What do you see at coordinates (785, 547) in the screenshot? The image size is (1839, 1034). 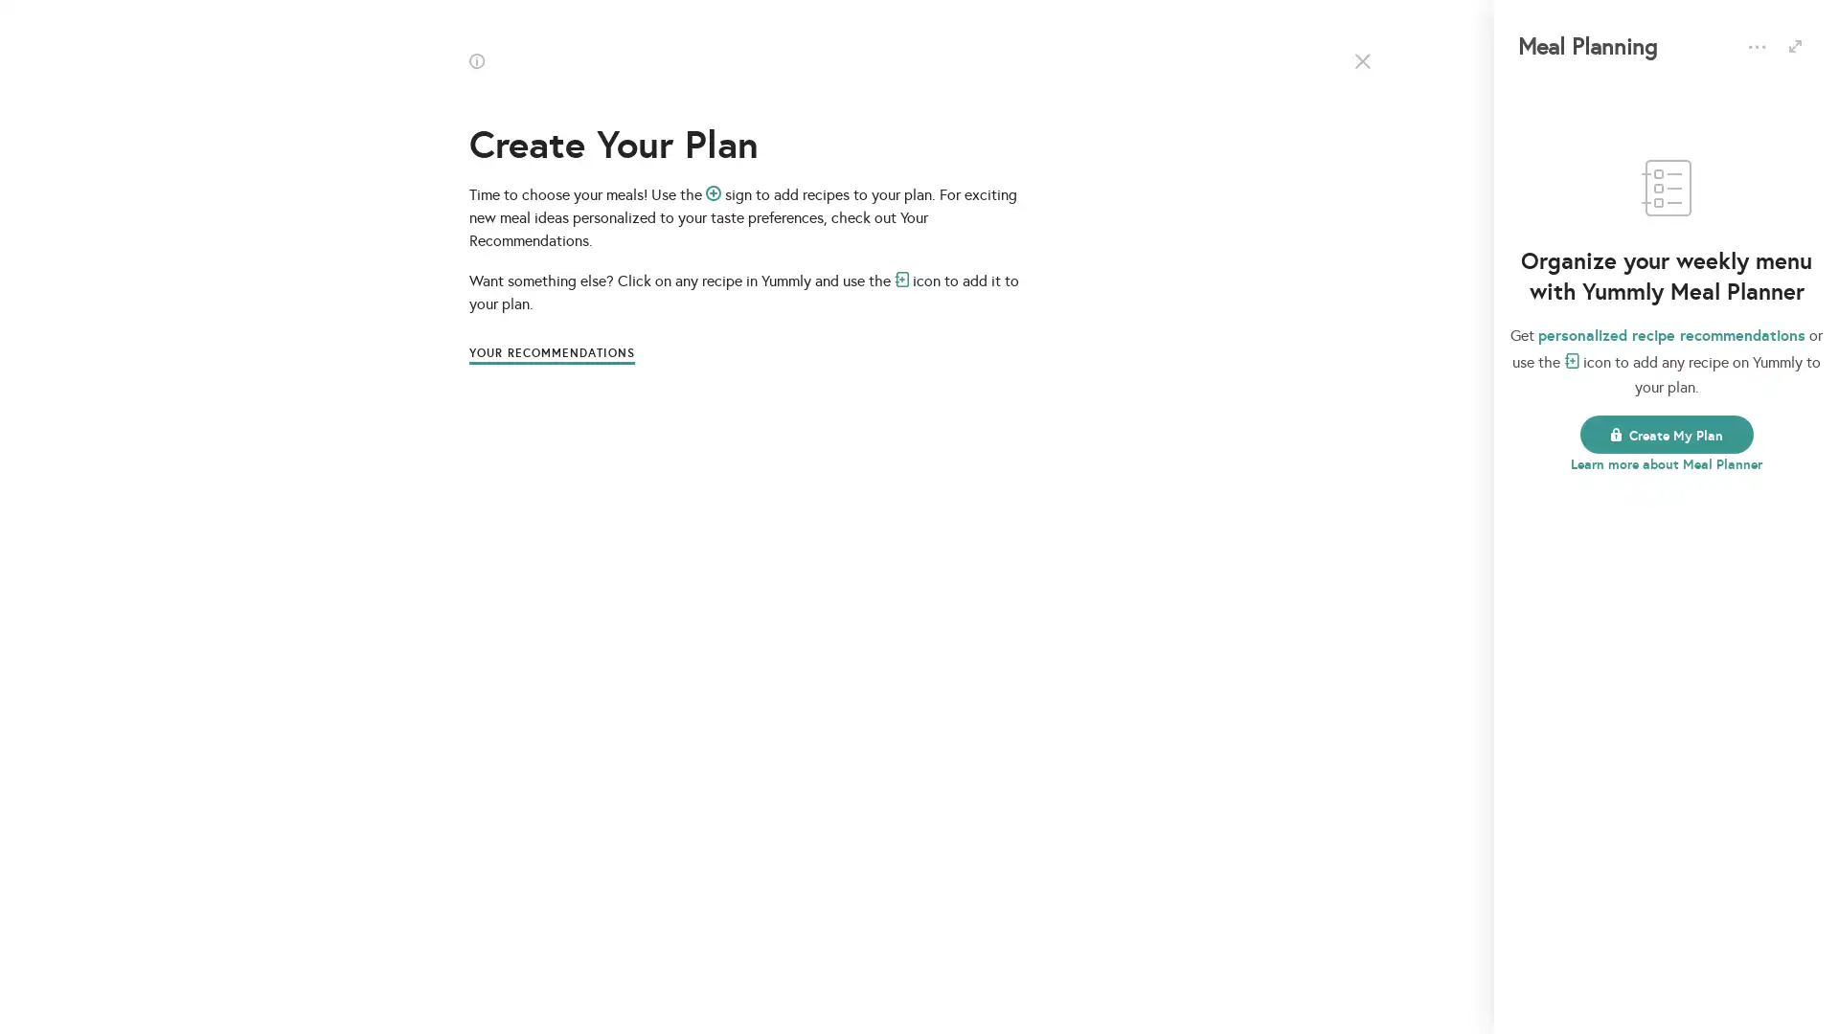 I see `Pescetarian` at bounding box center [785, 547].